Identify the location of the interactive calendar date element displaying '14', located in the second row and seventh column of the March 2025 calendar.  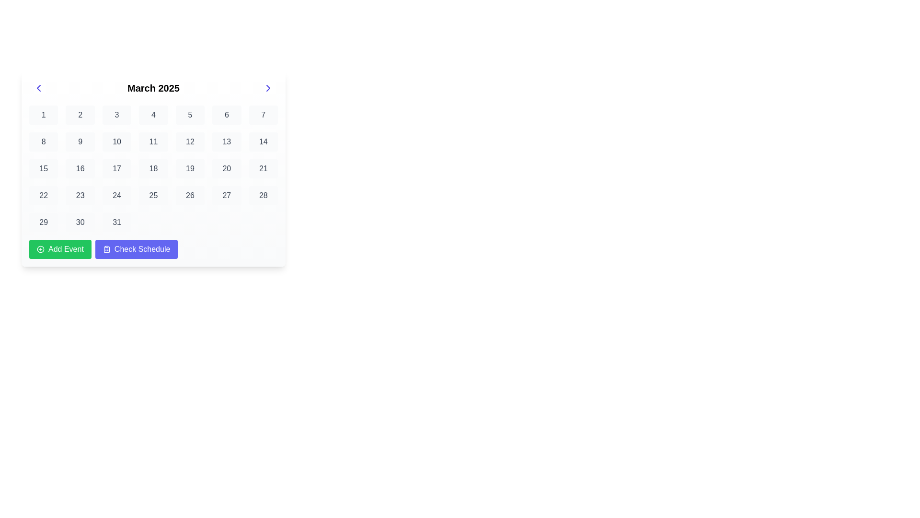
(263, 142).